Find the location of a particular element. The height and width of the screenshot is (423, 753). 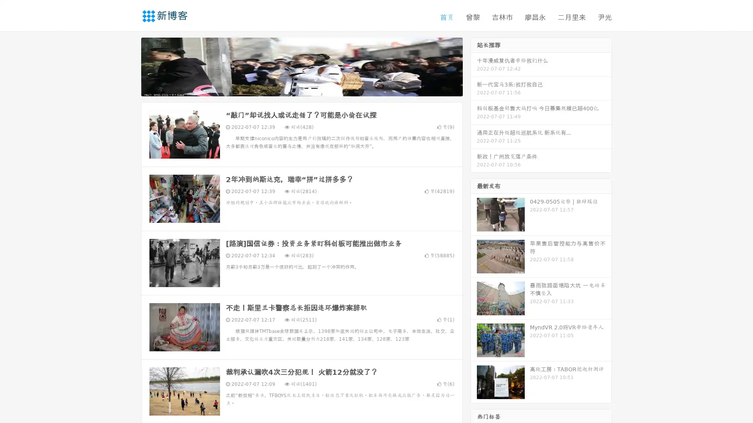

Go to slide 3 is located at coordinates (309, 88).